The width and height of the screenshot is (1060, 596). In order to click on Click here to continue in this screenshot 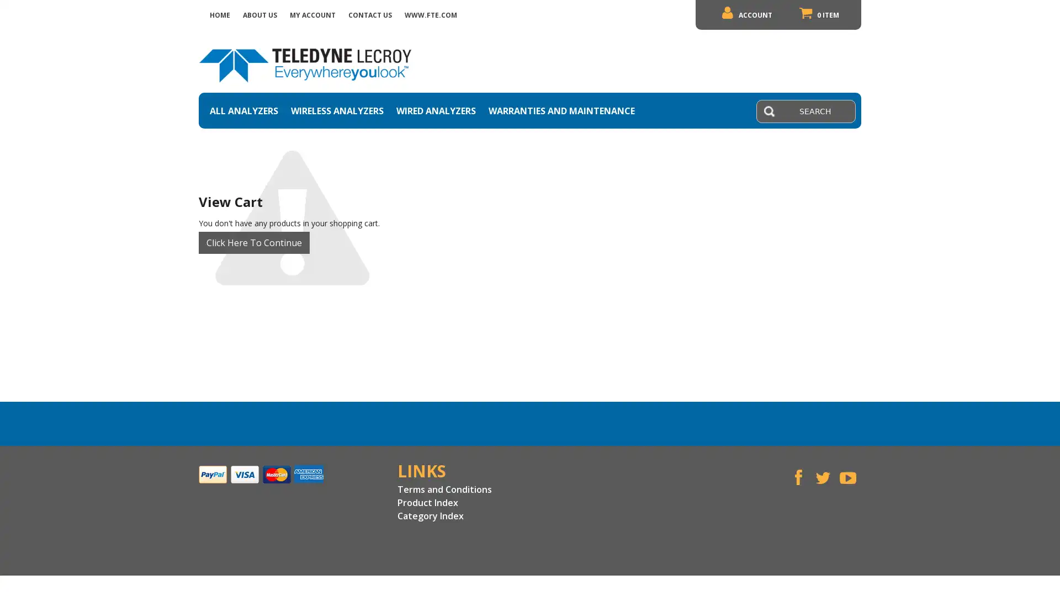, I will do `click(253, 242)`.